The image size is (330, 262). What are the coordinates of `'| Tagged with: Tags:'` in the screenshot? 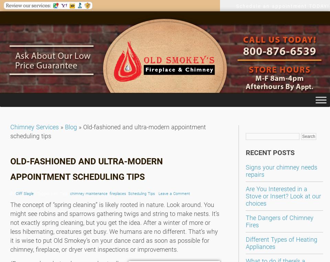 It's located at (34, 193).